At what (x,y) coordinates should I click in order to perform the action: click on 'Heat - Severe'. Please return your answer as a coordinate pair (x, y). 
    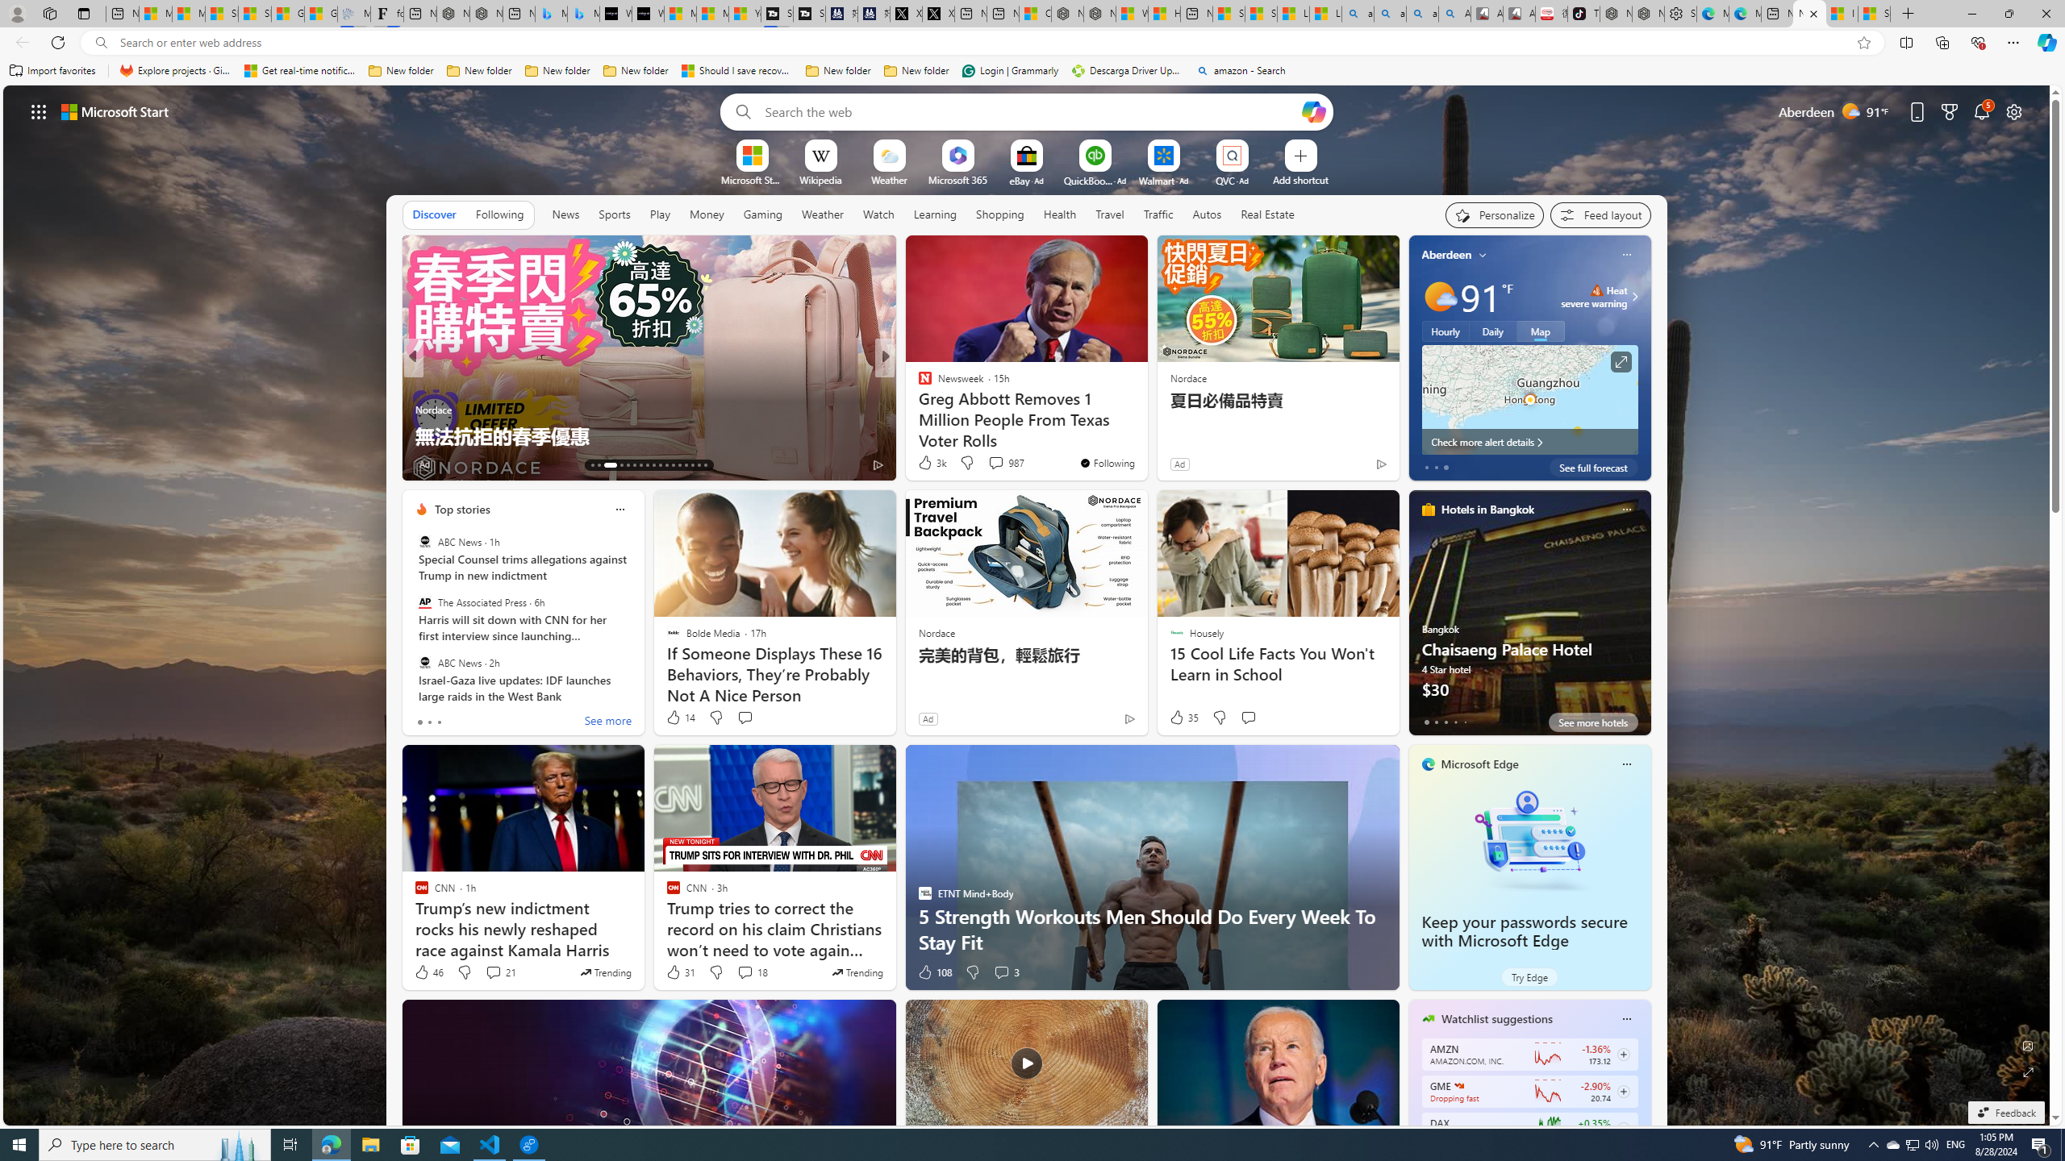
    Looking at the image, I should click on (1597, 290).